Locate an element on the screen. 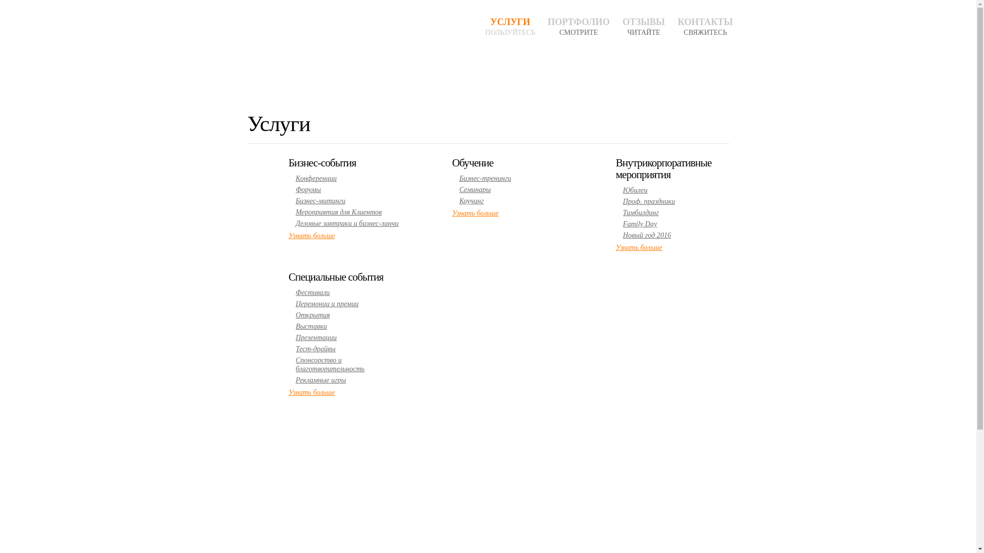 The image size is (984, 553). 'Family Day' is located at coordinates (639, 223).